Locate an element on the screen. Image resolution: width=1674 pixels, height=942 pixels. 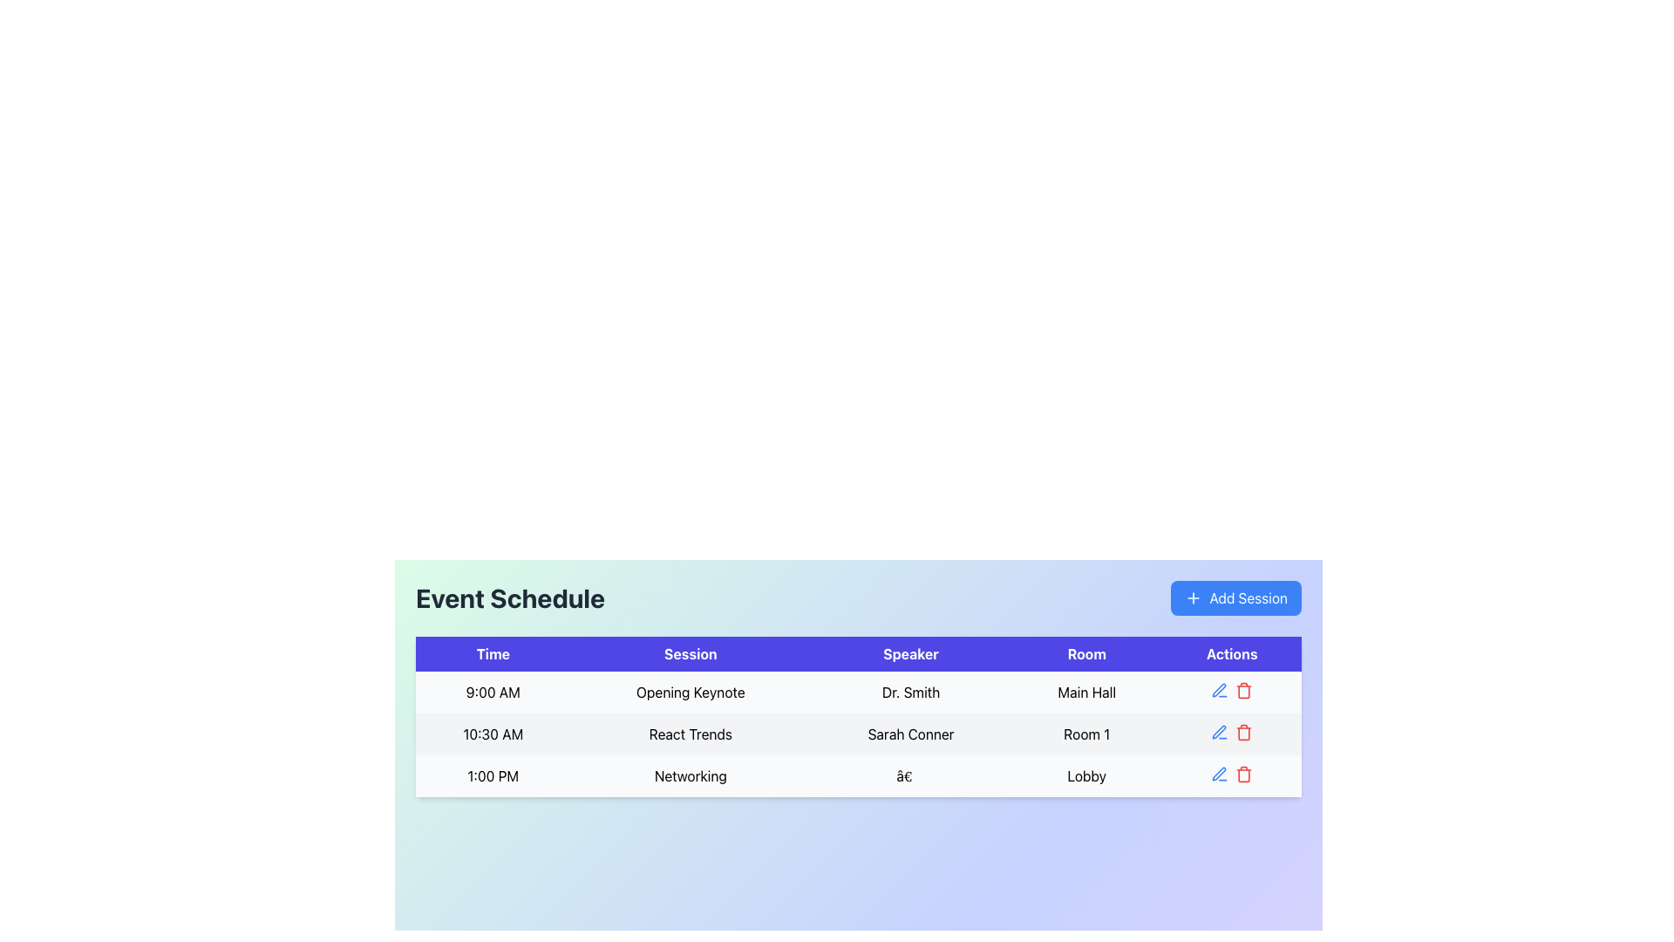
the blue pen icon representing the edit action in the 'Actions' column of the third row for the 'Networking' session at 1:00 PM is located at coordinates (1219, 773).